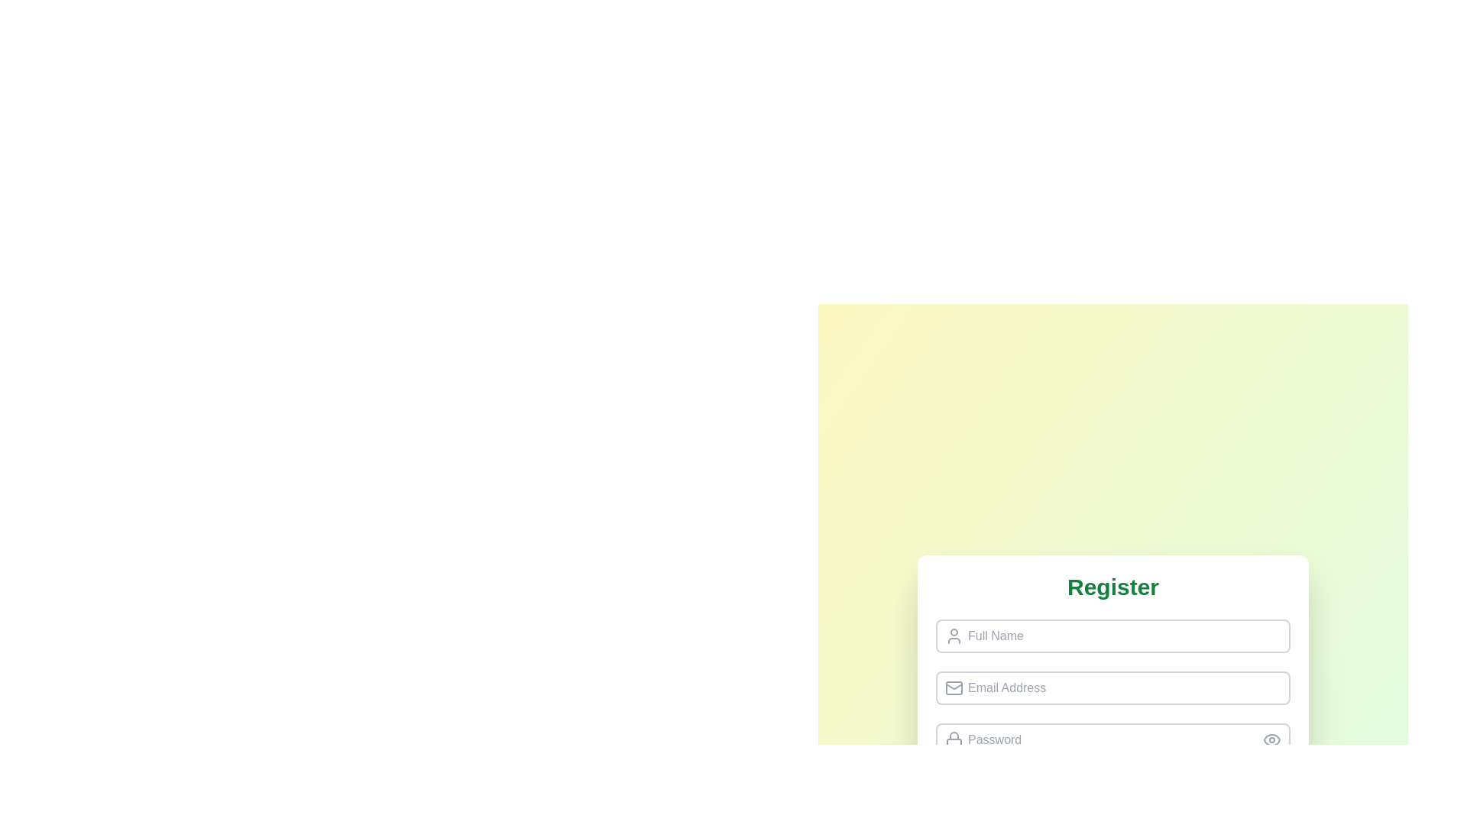 This screenshot has height=825, width=1467. What do you see at coordinates (953, 688) in the screenshot?
I see `the decorative email icon located at the far left of the input field for entering an email address, which is aligned vertically with the center of the field and near the placeholder text 'Email Address'` at bounding box center [953, 688].